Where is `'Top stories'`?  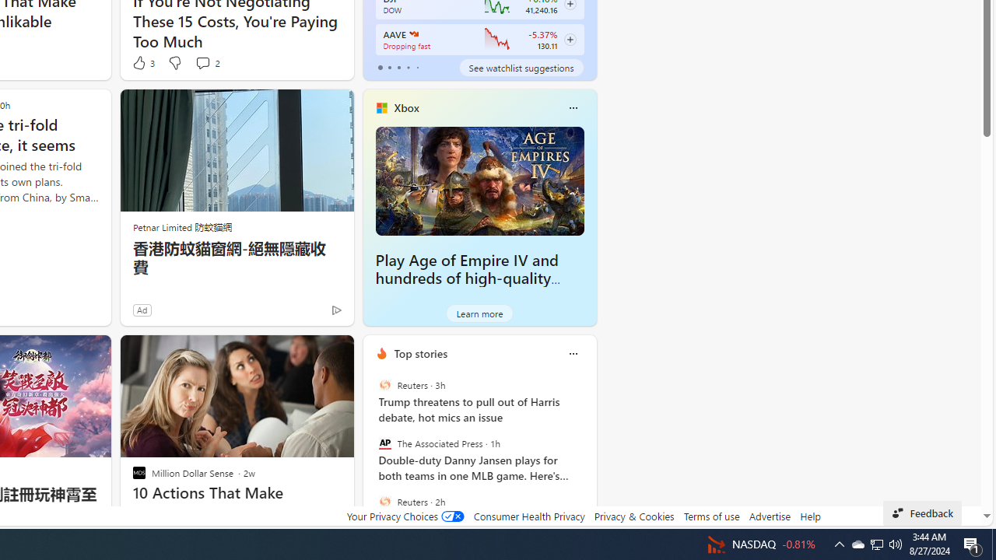 'Top stories' is located at coordinates (420, 353).